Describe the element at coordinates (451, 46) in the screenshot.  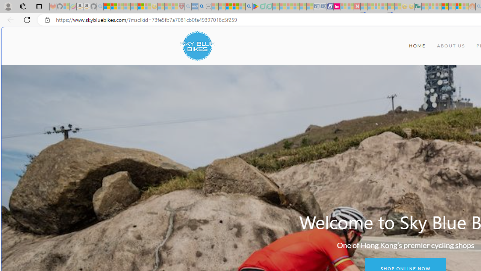
I see `'ABOUT US'` at that location.